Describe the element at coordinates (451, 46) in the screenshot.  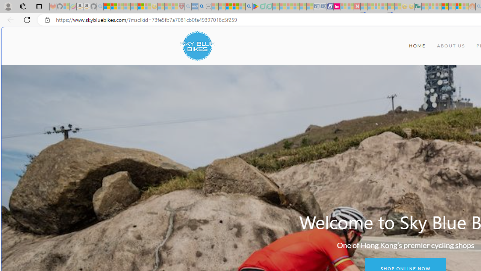
I see `'ABOUT US'` at that location.